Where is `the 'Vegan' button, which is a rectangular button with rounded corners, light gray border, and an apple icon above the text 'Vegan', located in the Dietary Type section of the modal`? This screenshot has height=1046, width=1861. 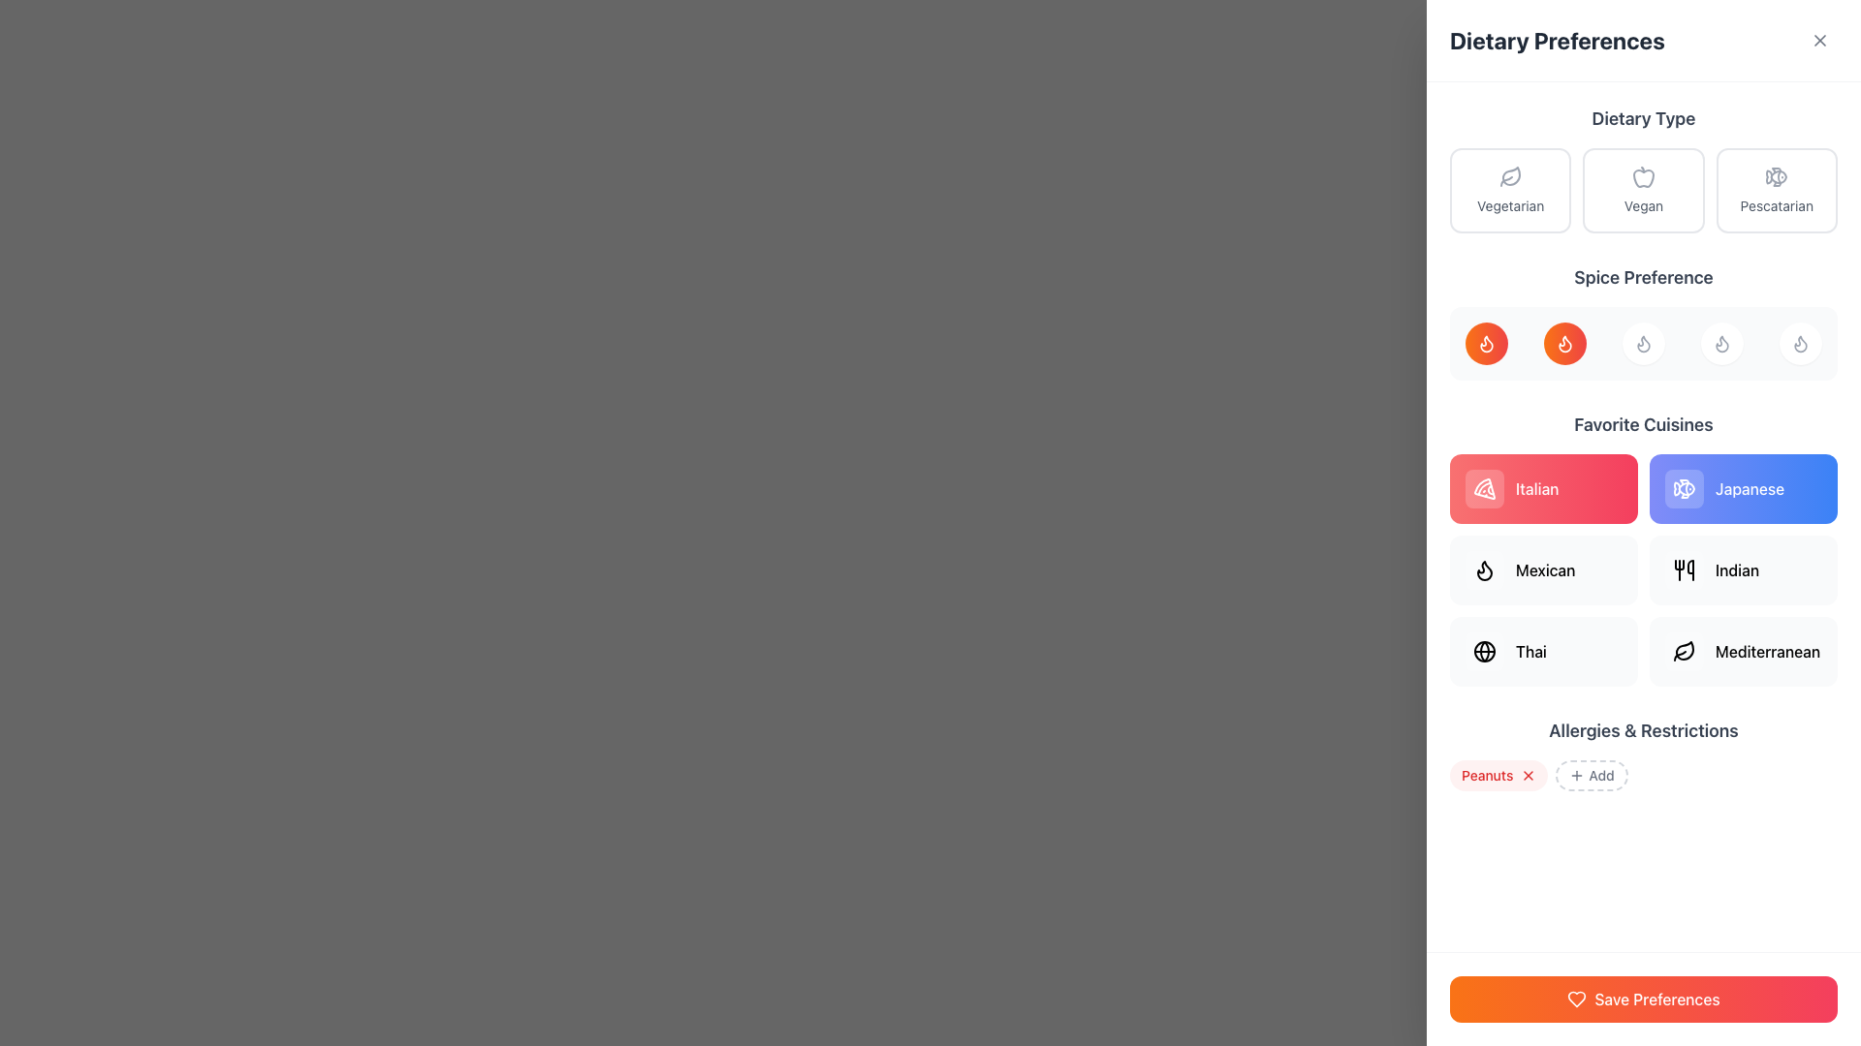
the 'Vegan' button, which is a rectangular button with rounded corners, light gray border, and an apple icon above the text 'Vegan', located in the Dietary Type section of the modal is located at coordinates (1642, 190).